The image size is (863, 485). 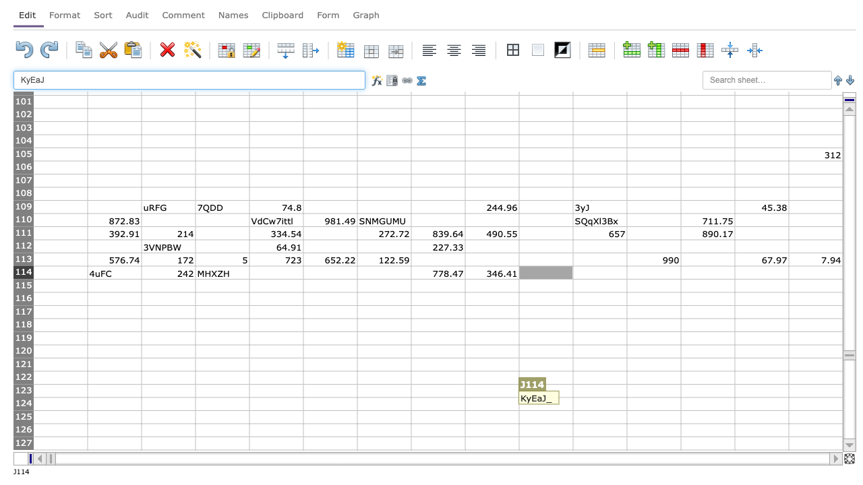 What do you see at coordinates (599, 403) in the screenshot?
I see `Col: K, Row: 124` at bounding box center [599, 403].